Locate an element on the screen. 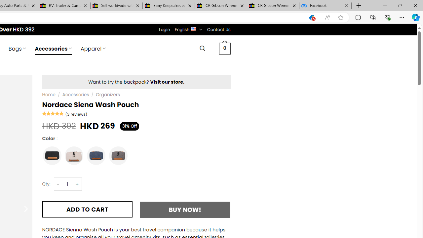 The height and width of the screenshot is (238, 423). ' 0 ' is located at coordinates (224, 48).